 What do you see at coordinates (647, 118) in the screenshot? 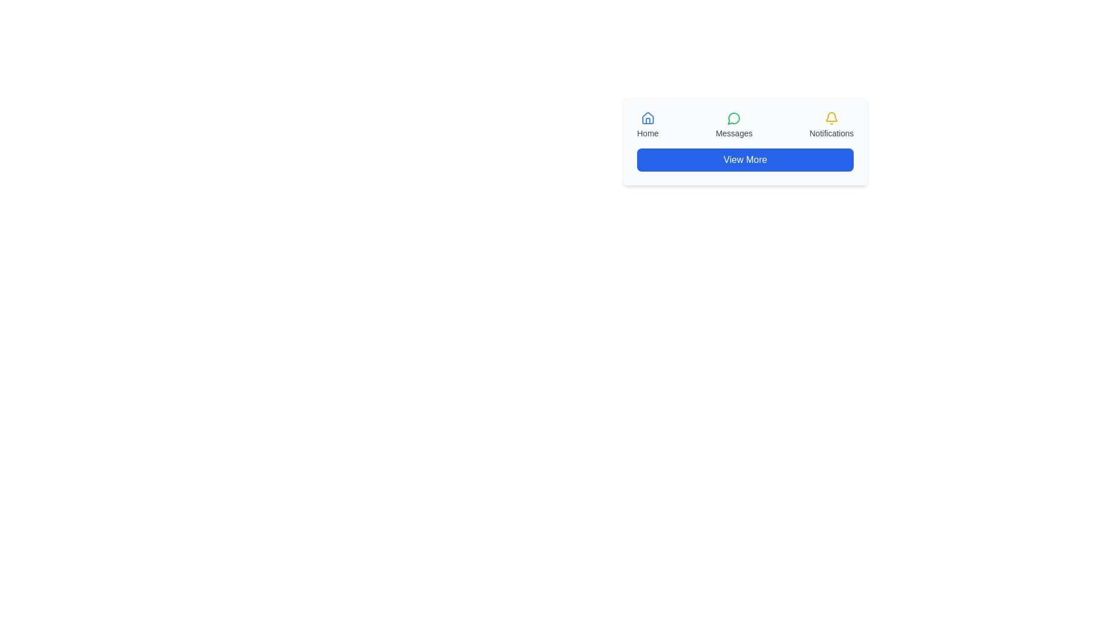
I see `the house icon represented by a blue vector graphic located above the 'Home' text in the icon group` at bounding box center [647, 118].